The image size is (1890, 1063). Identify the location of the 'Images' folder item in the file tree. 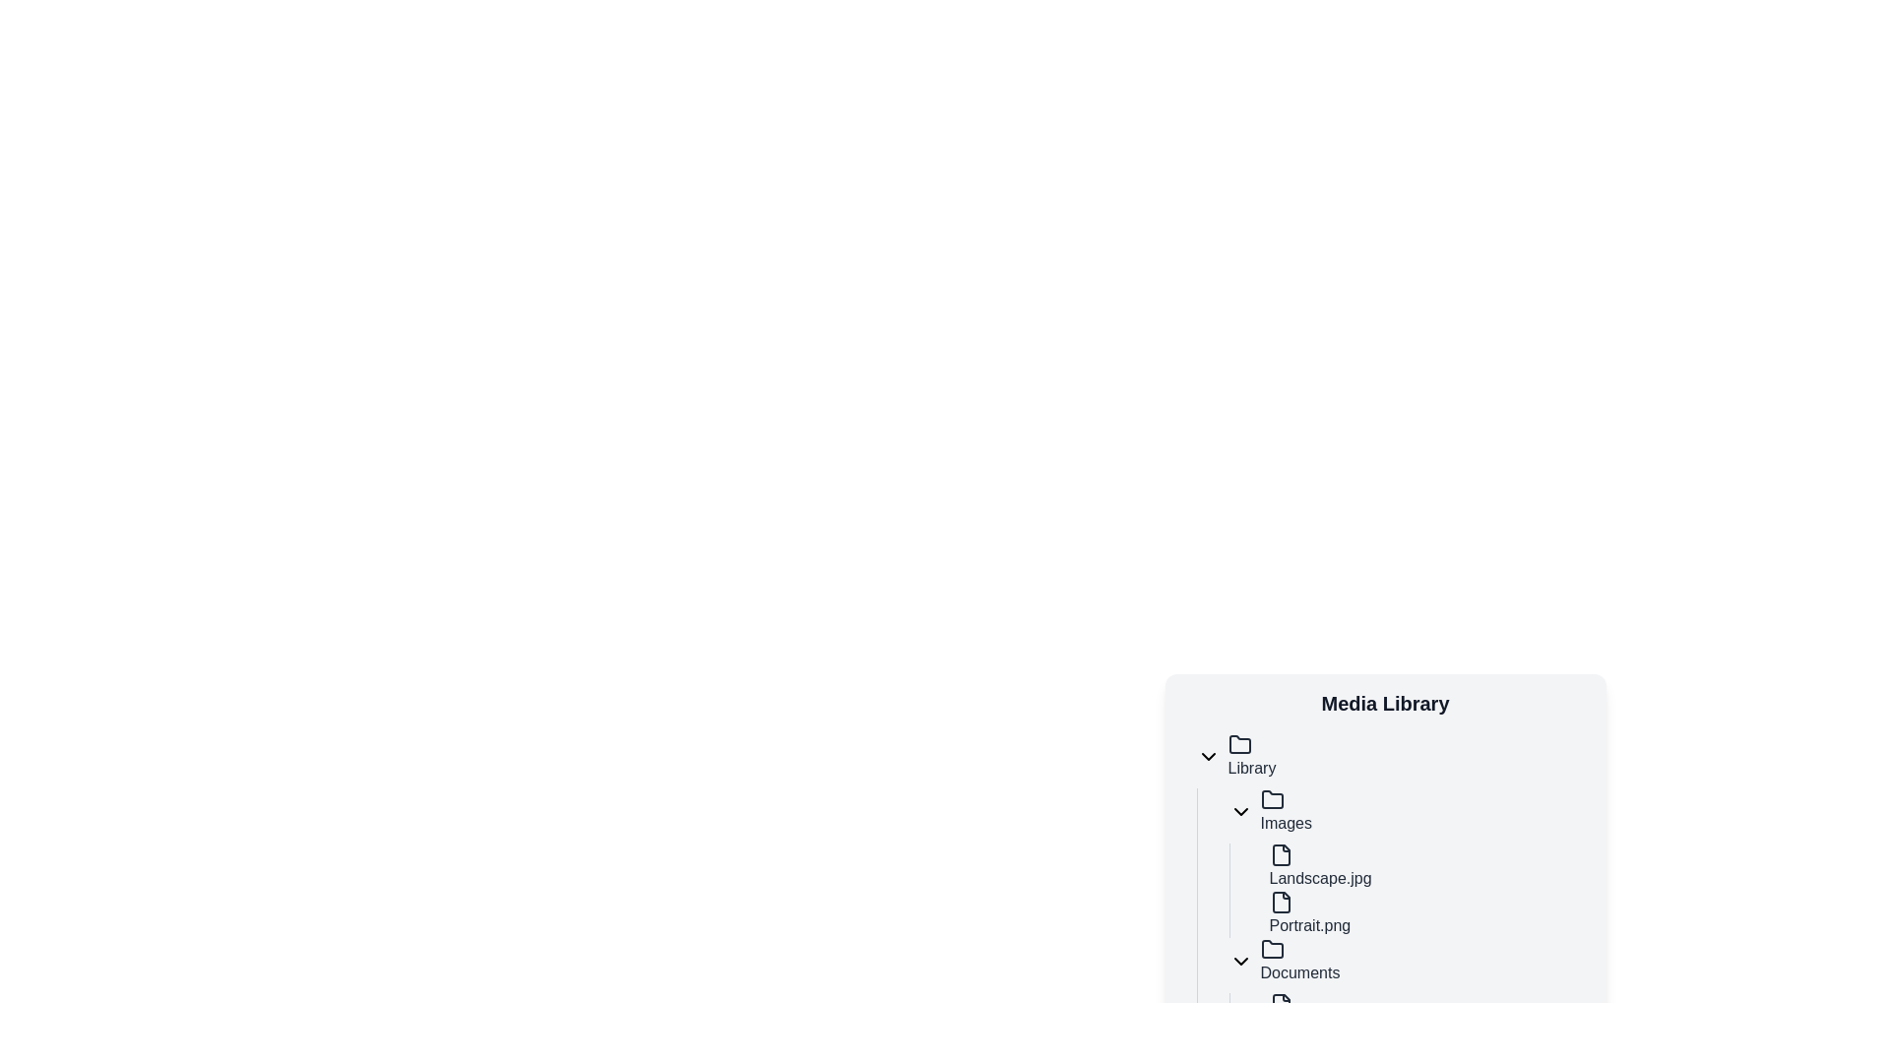
(1408, 812).